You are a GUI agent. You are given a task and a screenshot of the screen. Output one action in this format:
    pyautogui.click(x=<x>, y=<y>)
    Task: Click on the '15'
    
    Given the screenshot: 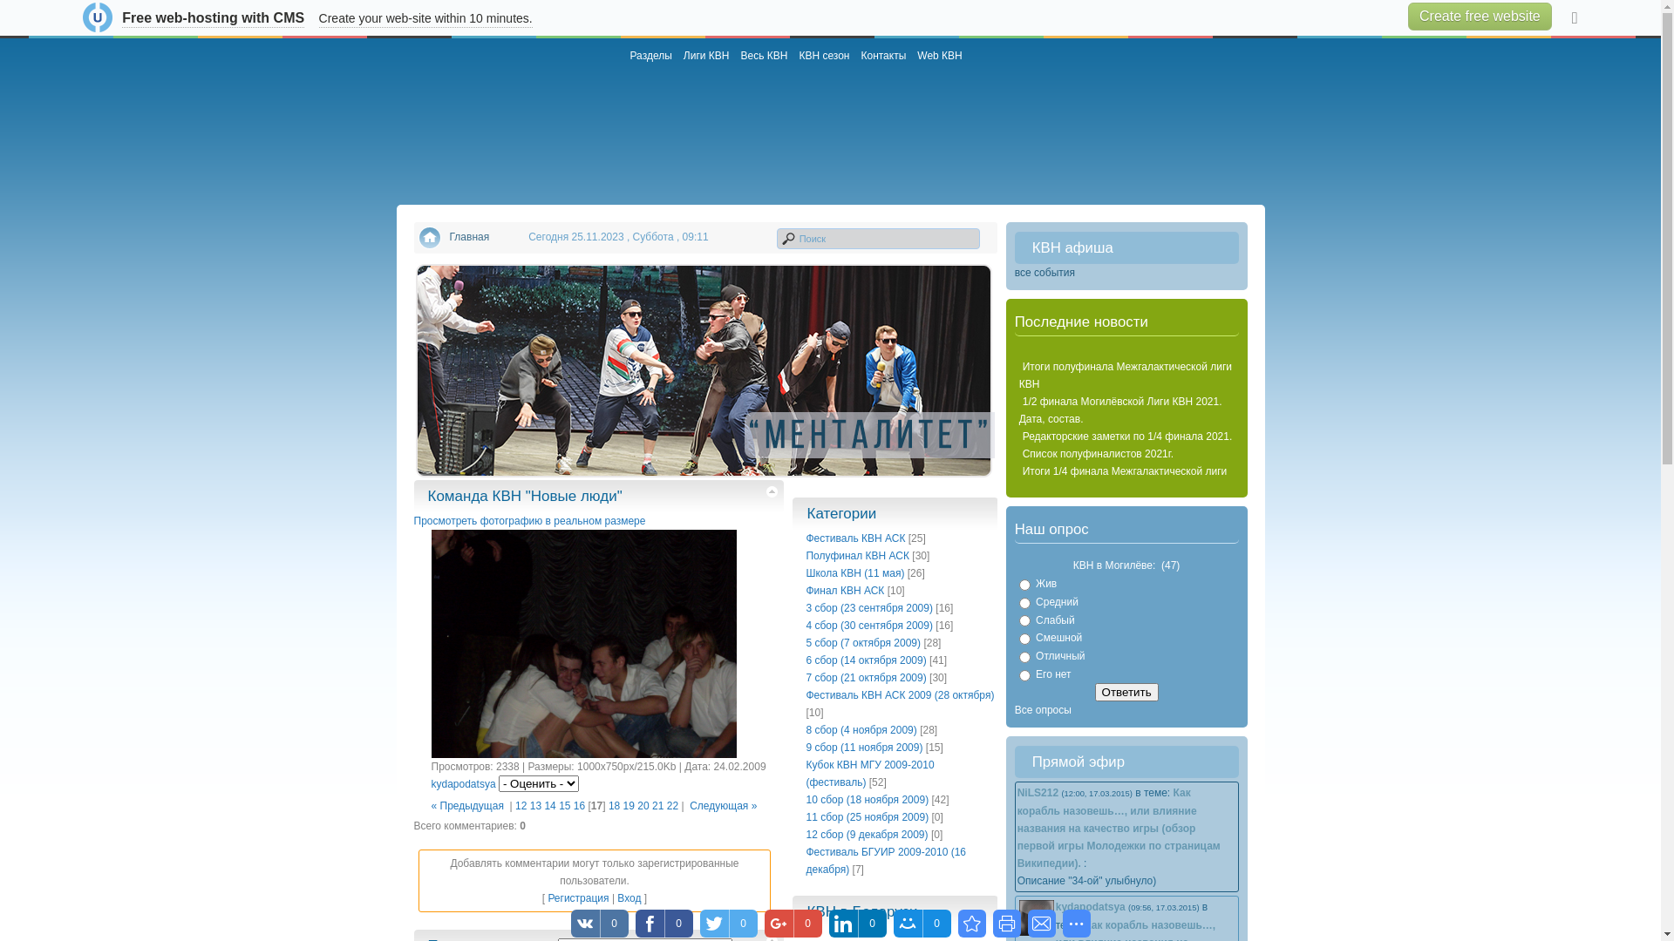 What is the action you would take?
    pyautogui.click(x=559, y=806)
    